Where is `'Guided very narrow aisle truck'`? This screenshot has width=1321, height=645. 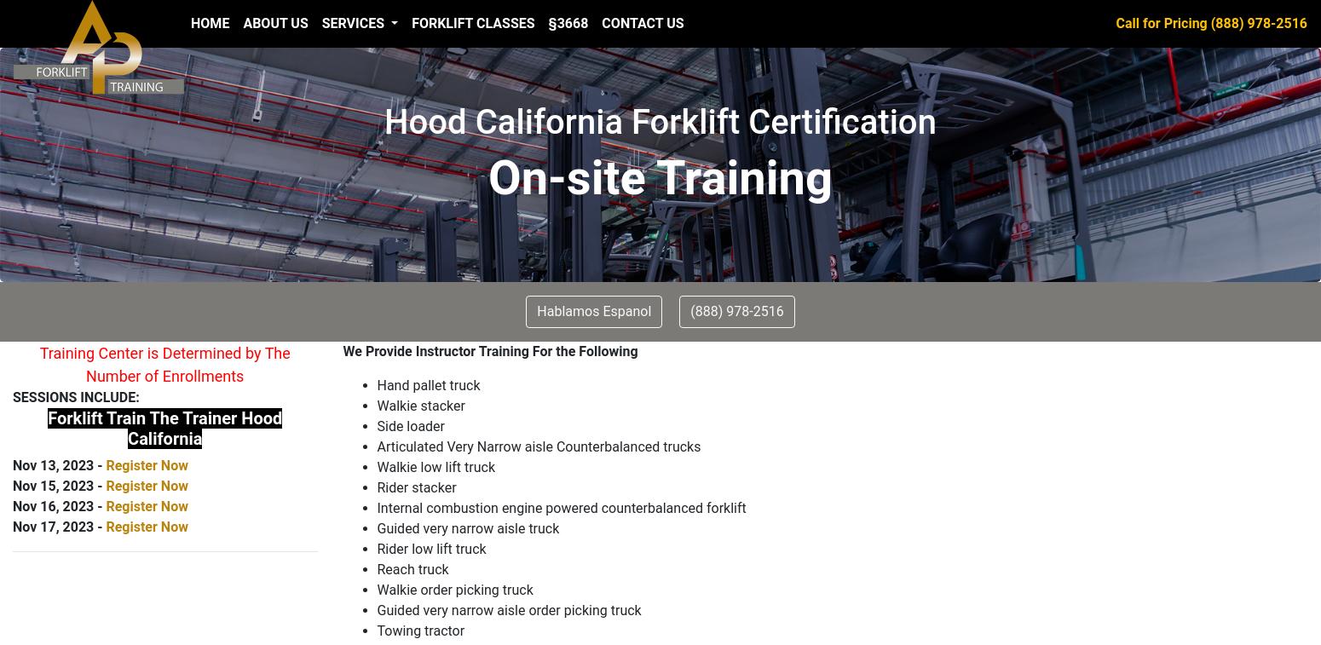
'Guided very narrow aisle truck' is located at coordinates (468, 528).